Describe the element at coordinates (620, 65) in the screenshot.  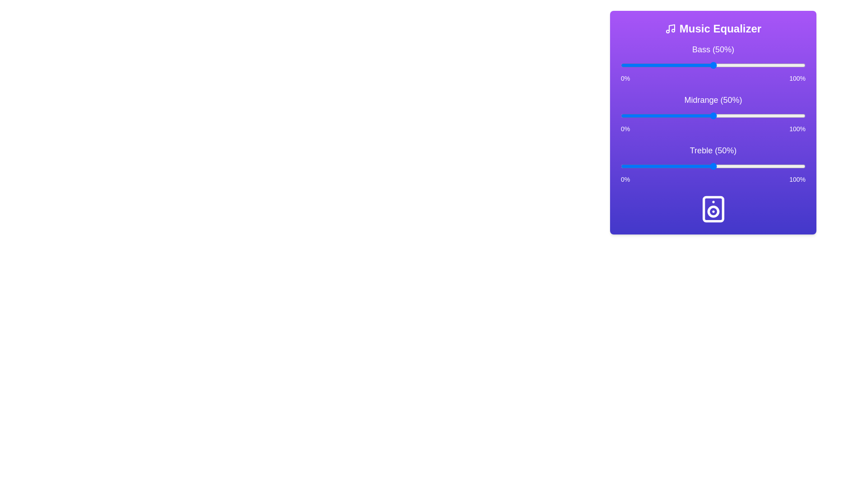
I see `the bass slider to 0%` at that location.